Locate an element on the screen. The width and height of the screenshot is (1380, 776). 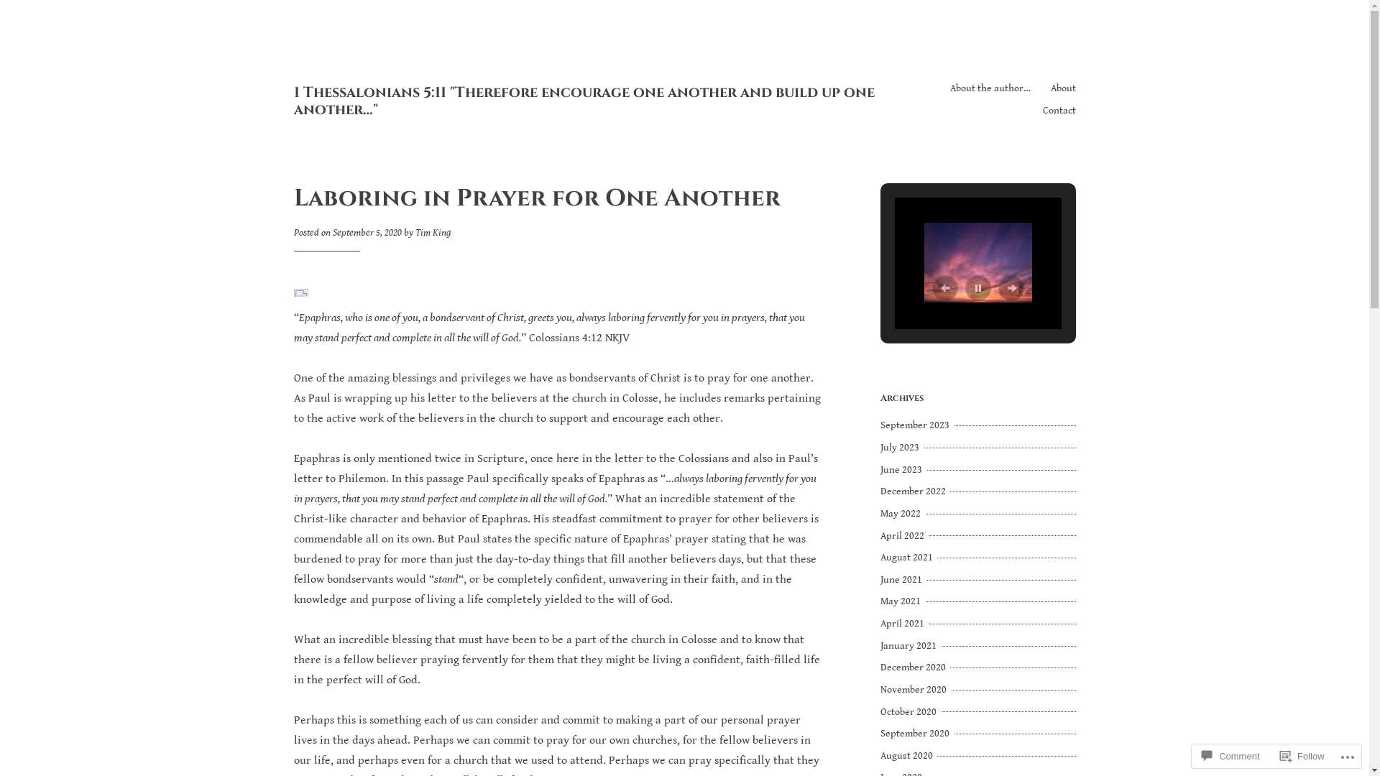
'Contact' is located at coordinates (1059, 110).